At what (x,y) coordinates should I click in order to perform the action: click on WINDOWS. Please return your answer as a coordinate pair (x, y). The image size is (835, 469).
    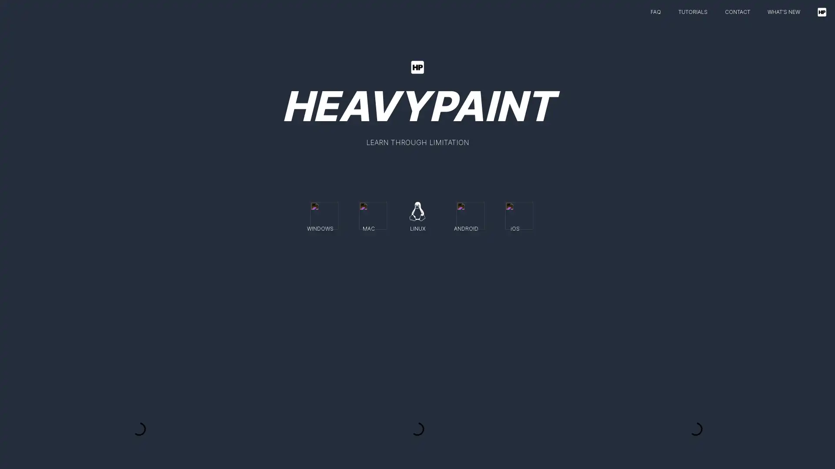
    Looking at the image, I should click on (319, 214).